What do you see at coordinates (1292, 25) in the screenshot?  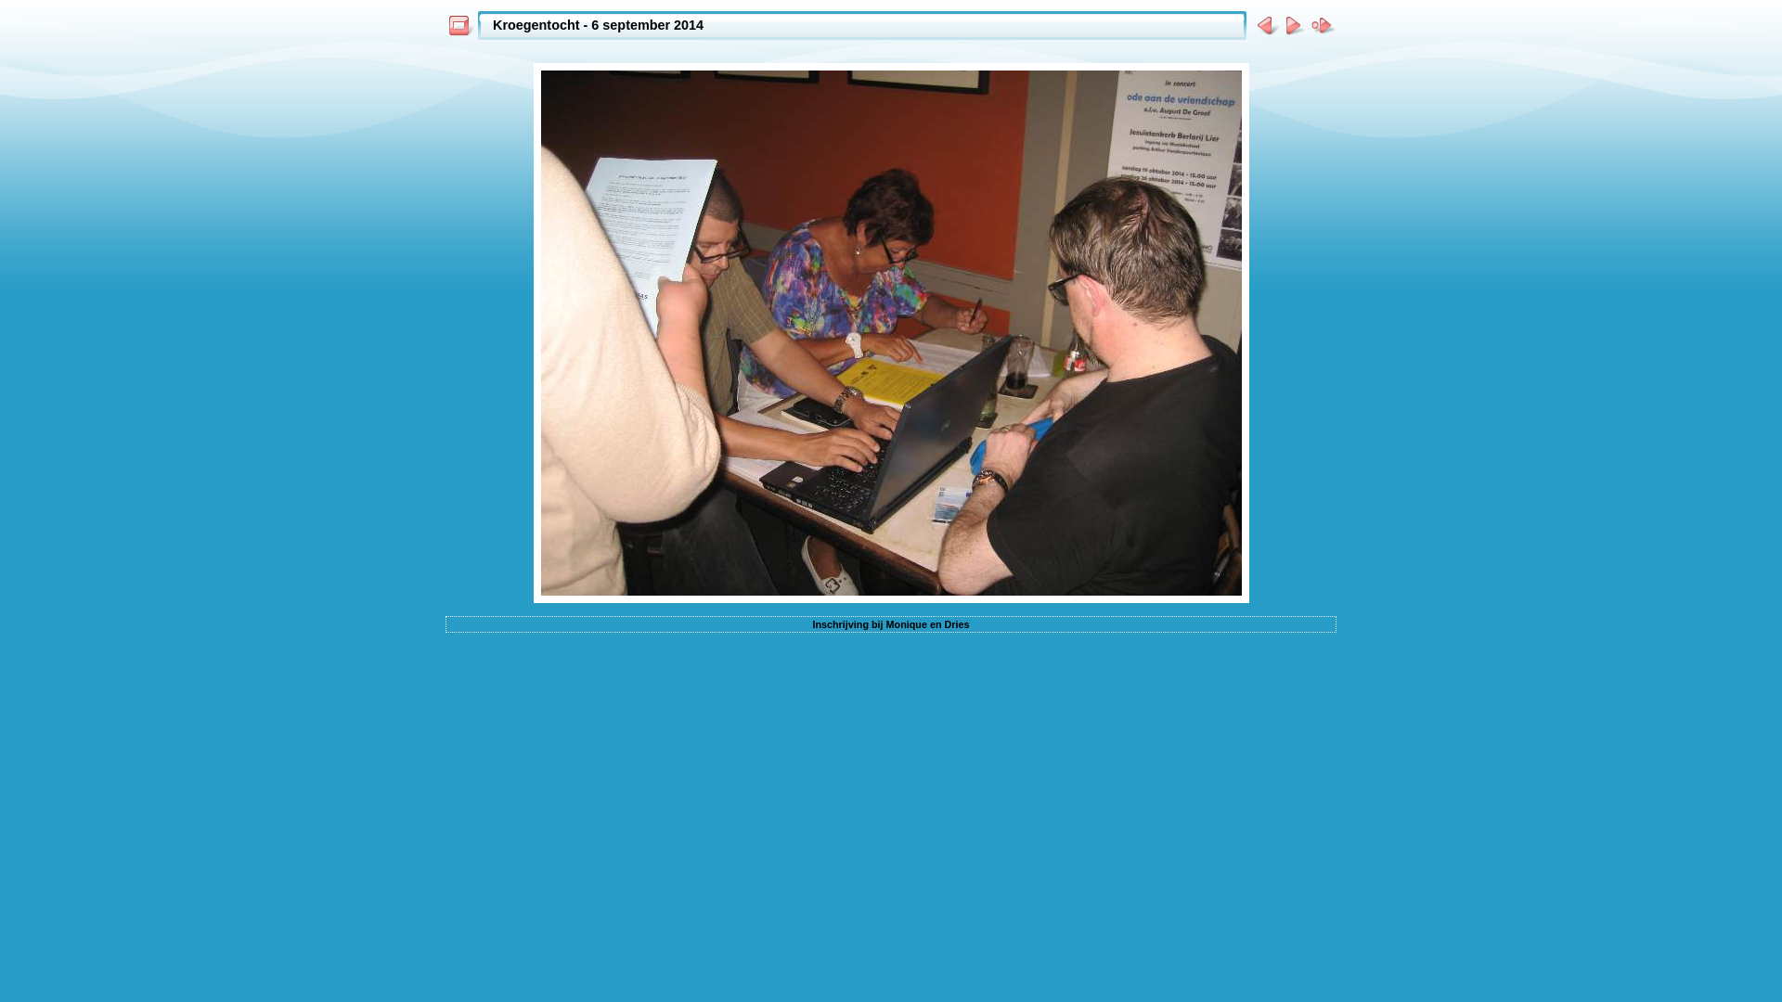 I see `' Volgende foto '` at bounding box center [1292, 25].